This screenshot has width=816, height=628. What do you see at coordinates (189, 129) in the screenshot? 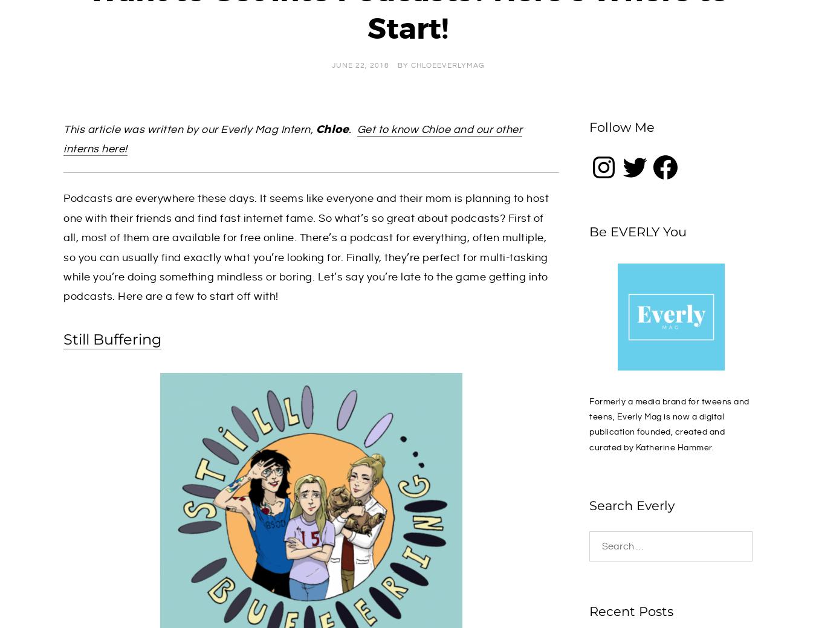
I see `'This article was written by our Everly Mag Intern,'` at bounding box center [189, 129].